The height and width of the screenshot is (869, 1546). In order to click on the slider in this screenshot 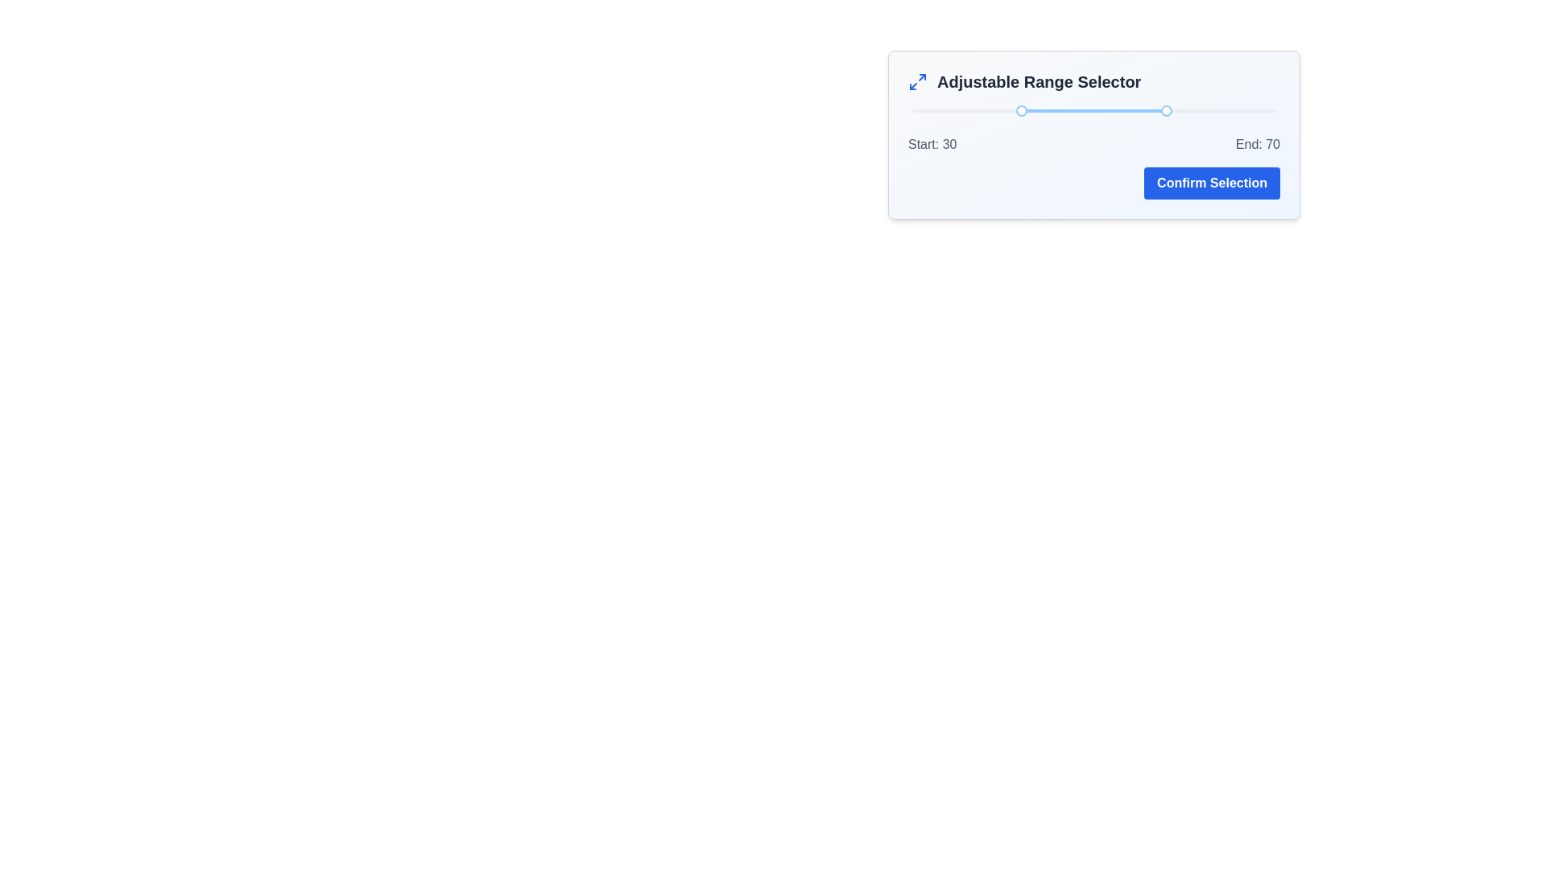, I will do `click(1187, 110)`.